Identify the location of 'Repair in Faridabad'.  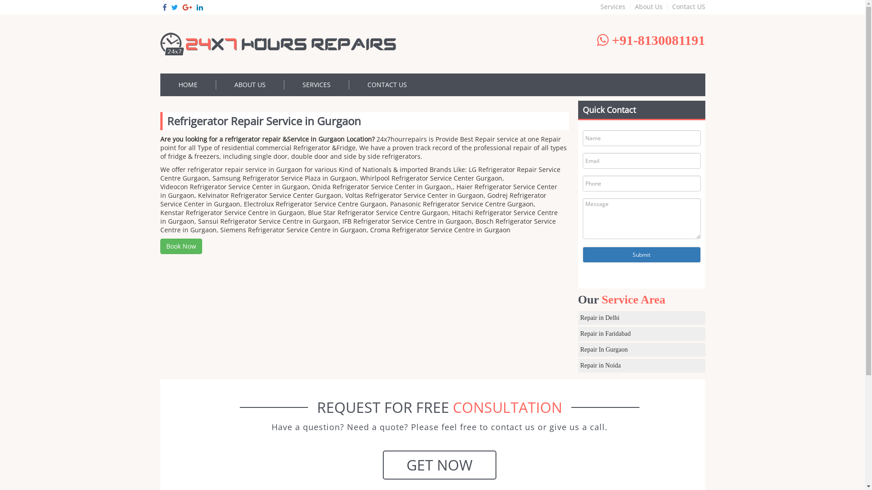
(577, 334).